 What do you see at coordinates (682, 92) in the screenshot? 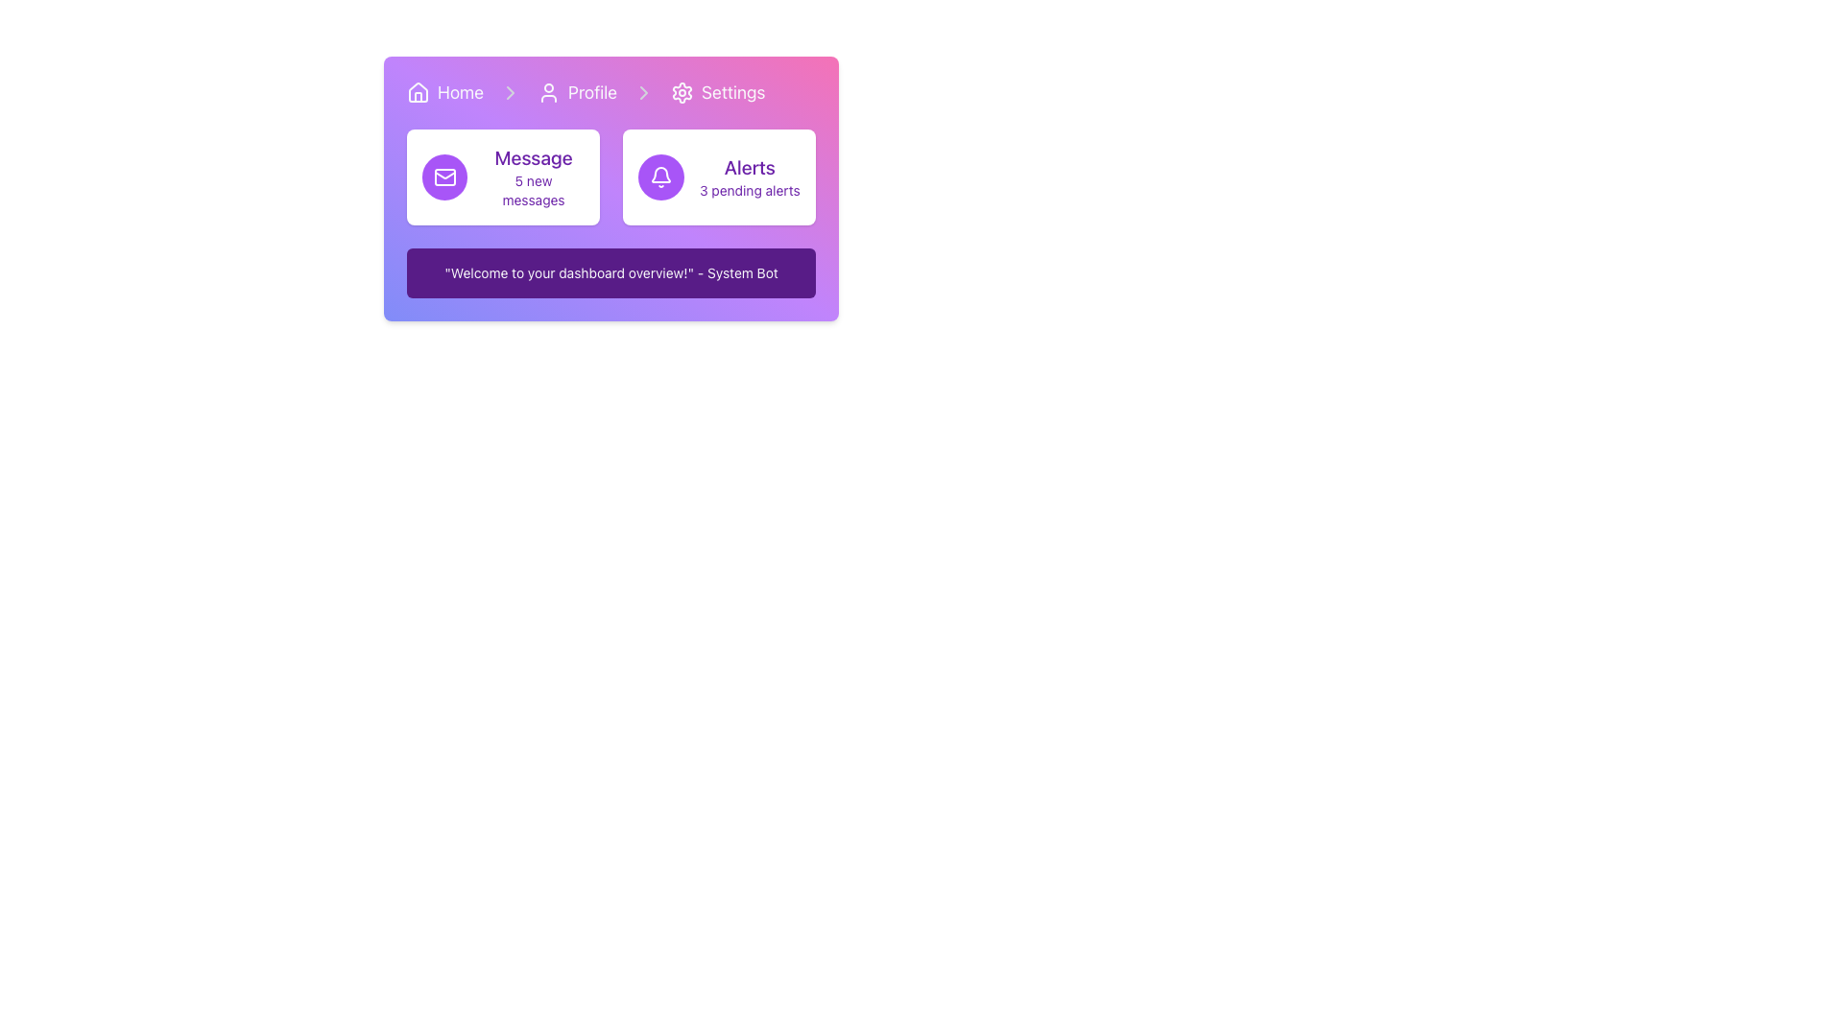
I see `the pink cogwheel icon in the settings navigation item` at bounding box center [682, 92].